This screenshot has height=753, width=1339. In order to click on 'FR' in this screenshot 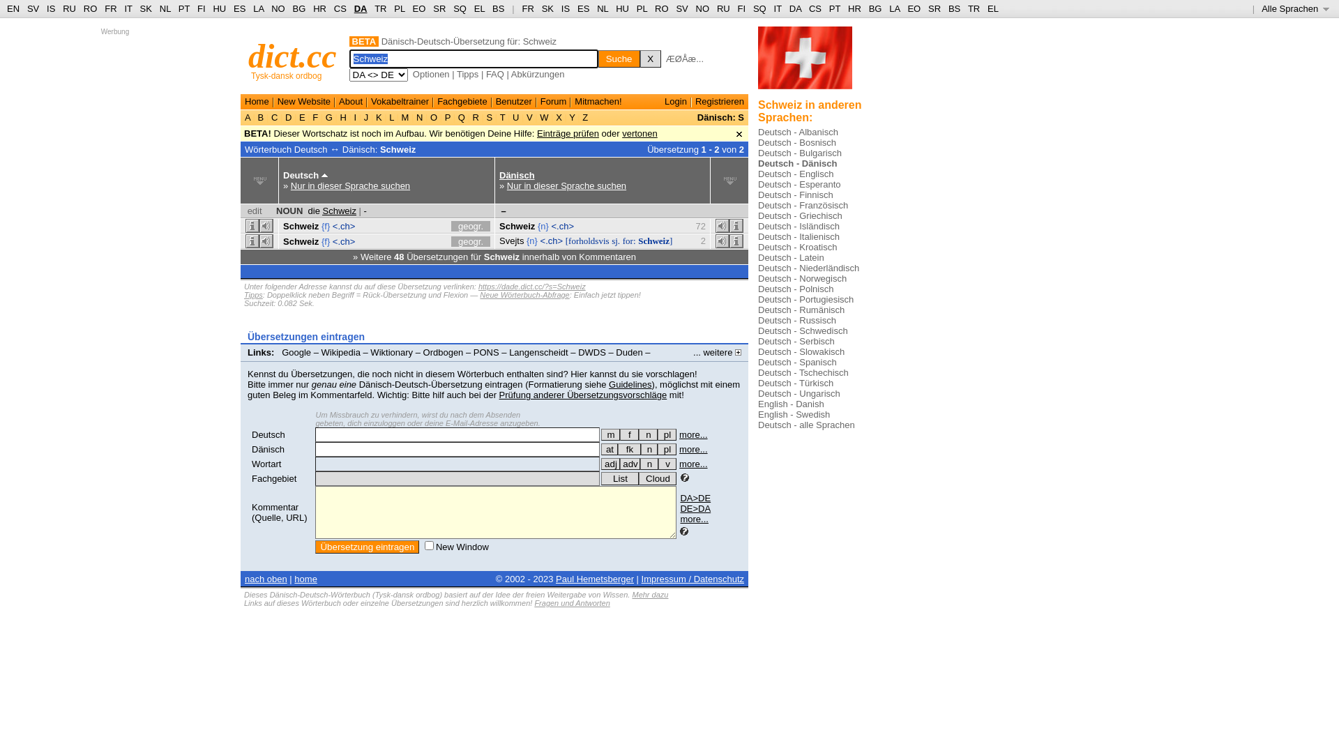, I will do `click(527, 8)`.